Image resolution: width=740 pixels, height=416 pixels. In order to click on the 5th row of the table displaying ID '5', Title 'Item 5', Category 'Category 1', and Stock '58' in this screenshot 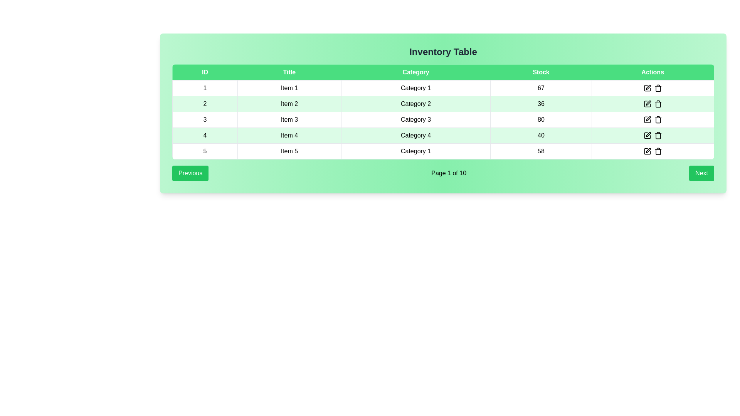, I will do `click(443, 151)`.